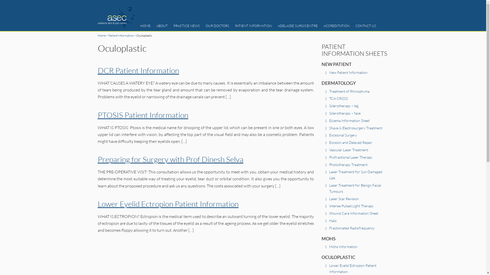  Describe the element at coordinates (355, 128) in the screenshot. I see `'Shave & Electrosurgery Treatment'` at that location.